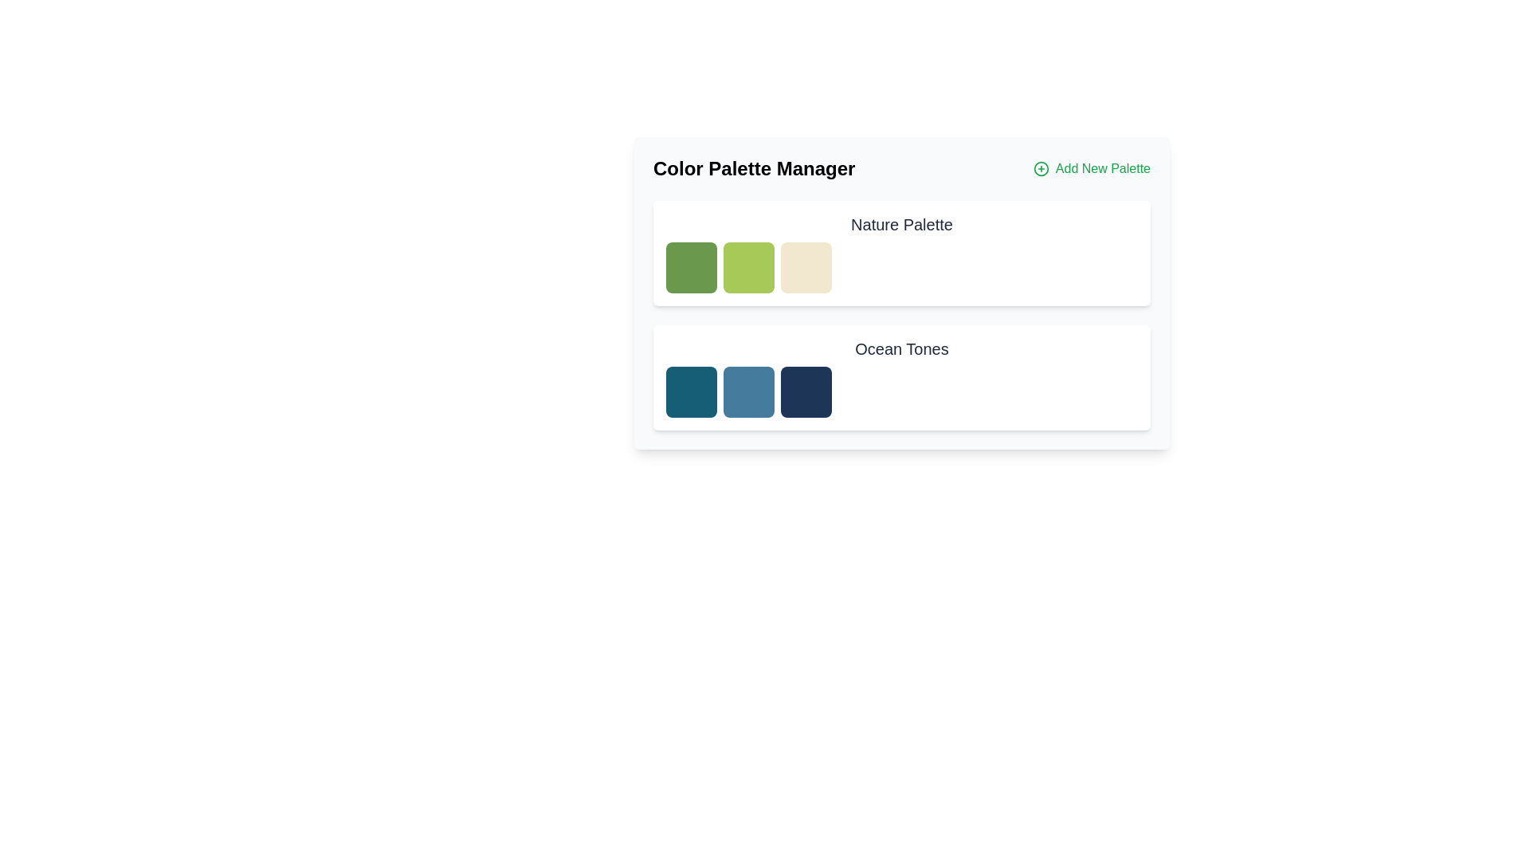 This screenshot has height=861, width=1530. I want to click on the third color swatch with a light beige background in the 'Nature Palette' section, so click(806, 266).